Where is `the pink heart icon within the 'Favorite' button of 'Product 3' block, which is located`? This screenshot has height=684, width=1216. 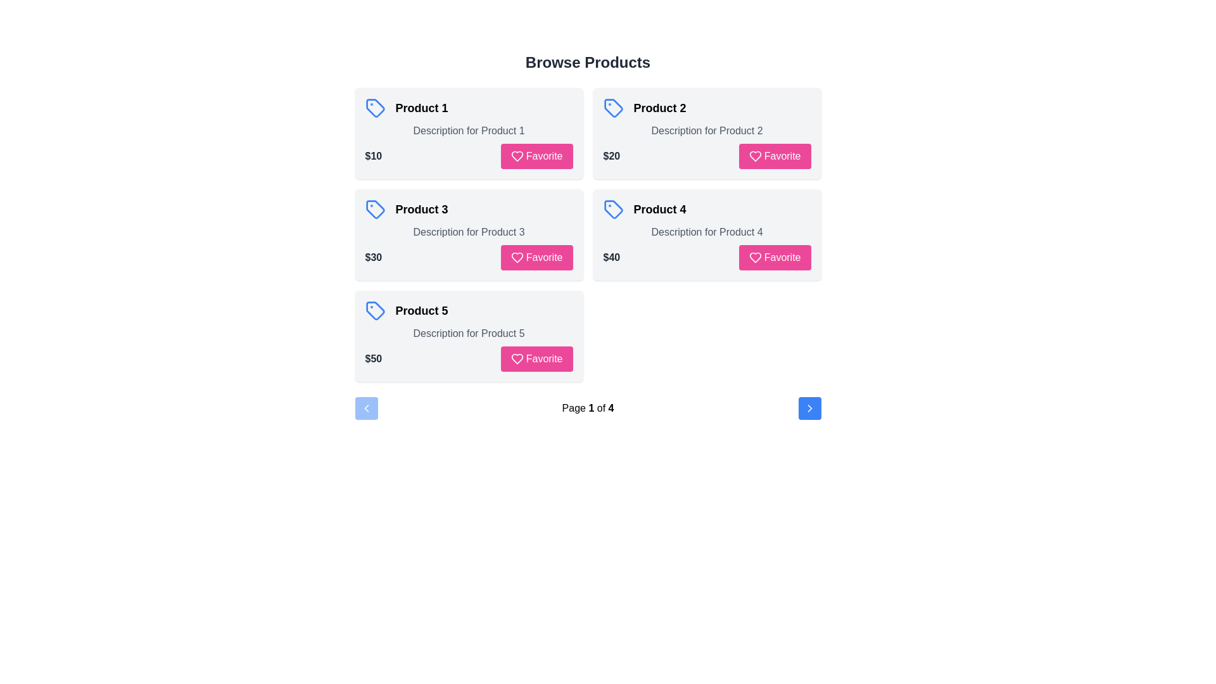 the pink heart icon within the 'Favorite' button of 'Product 3' block, which is located is located at coordinates (517, 257).